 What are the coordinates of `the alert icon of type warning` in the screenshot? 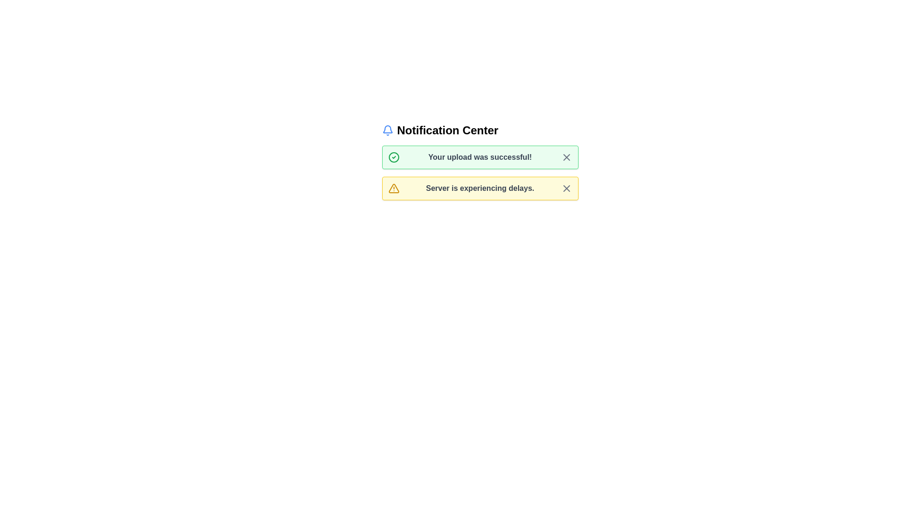 It's located at (394, 189).